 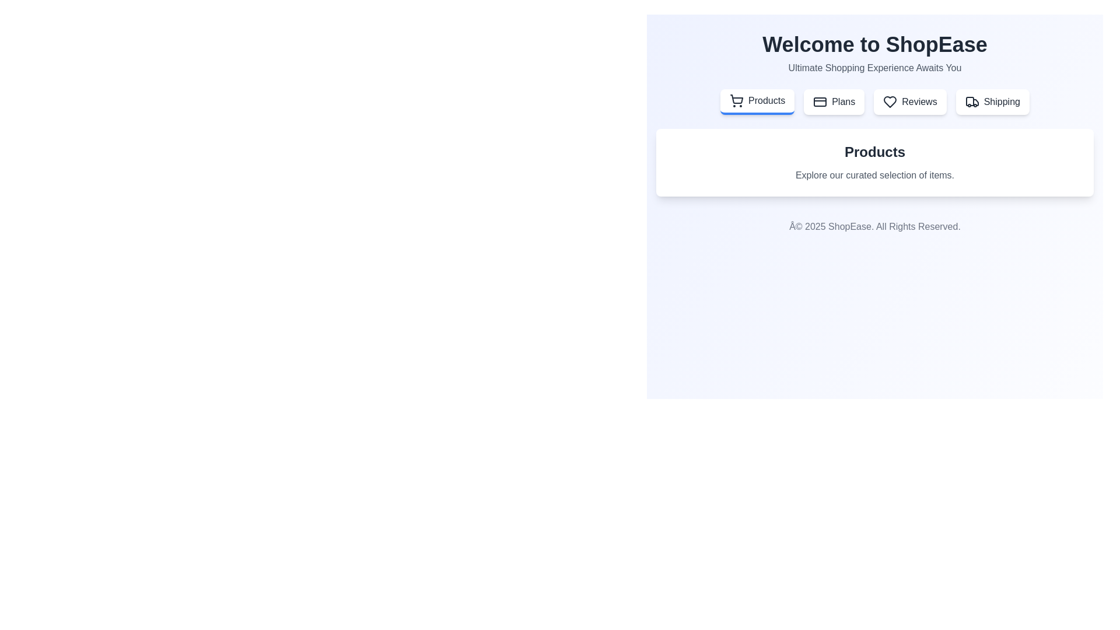 I want to click on the shopping cart icon located within the button labeled 'Products', positioned to the left of the text 'Products', so click(x=736, y=100).